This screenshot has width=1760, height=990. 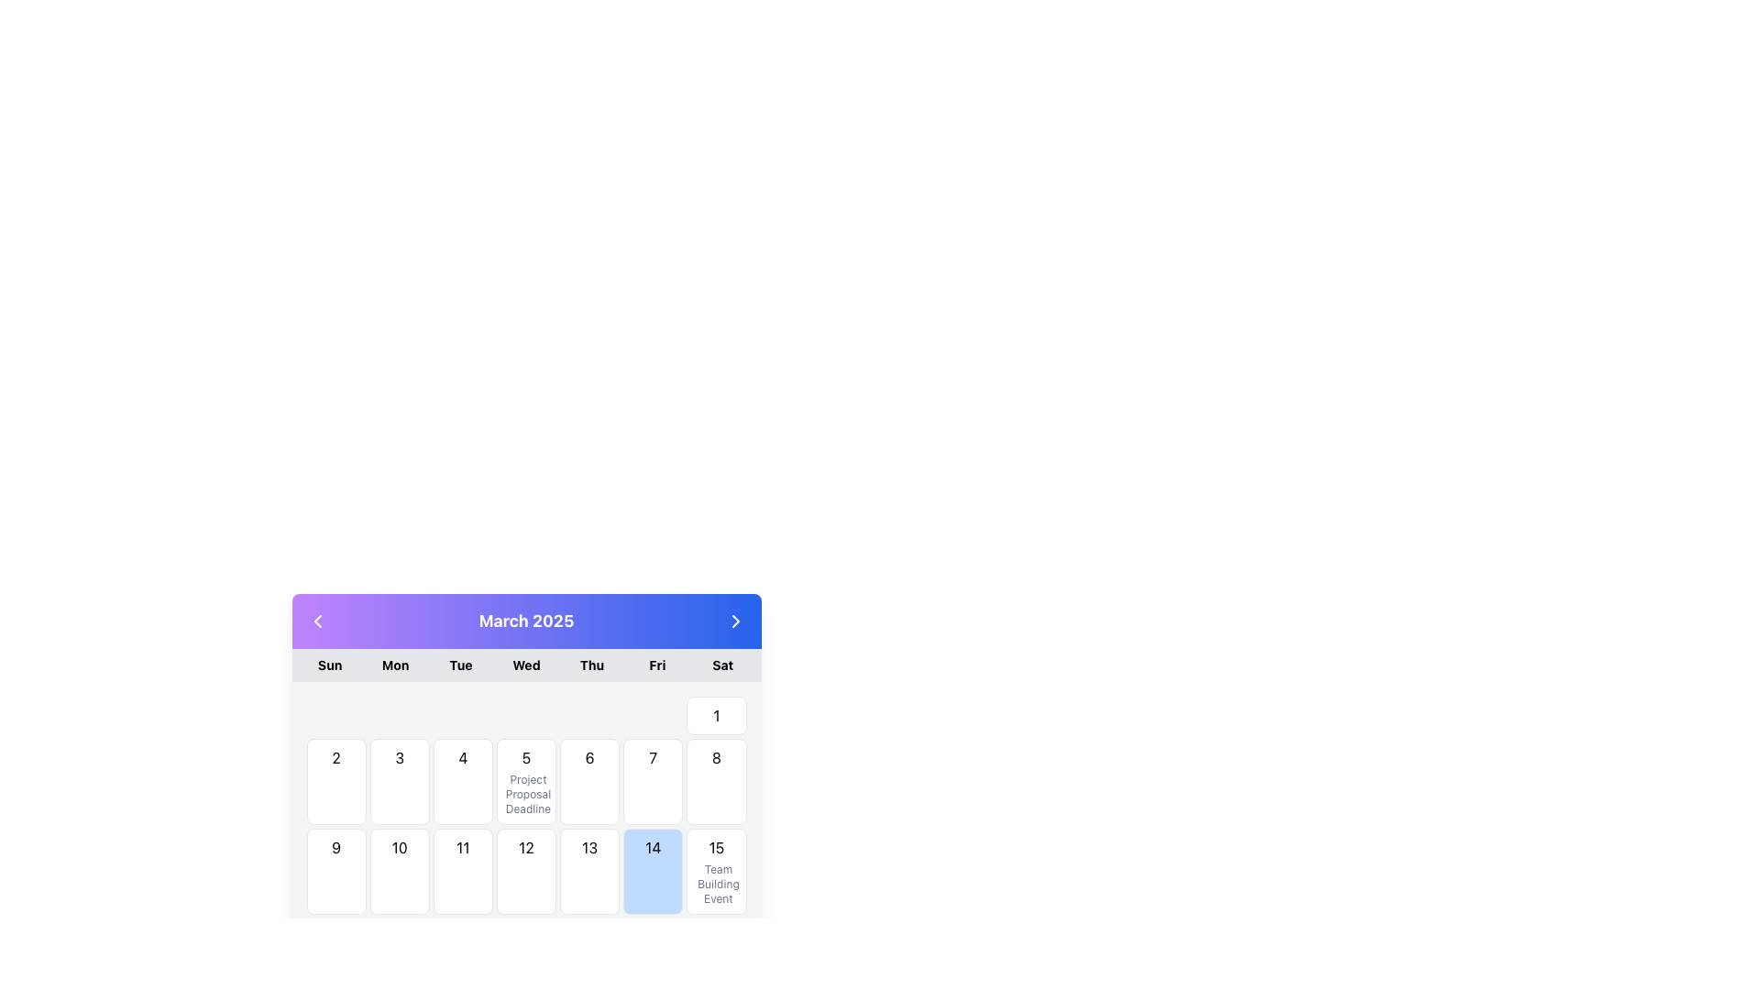 What do you see at coordinates (735, 621) in the screenshot?
I see `the right-facing chevron button, which is styled with a thin, white stroke on a blue background, located to the right of 'March 2025'` at bounding box center [735, 621].